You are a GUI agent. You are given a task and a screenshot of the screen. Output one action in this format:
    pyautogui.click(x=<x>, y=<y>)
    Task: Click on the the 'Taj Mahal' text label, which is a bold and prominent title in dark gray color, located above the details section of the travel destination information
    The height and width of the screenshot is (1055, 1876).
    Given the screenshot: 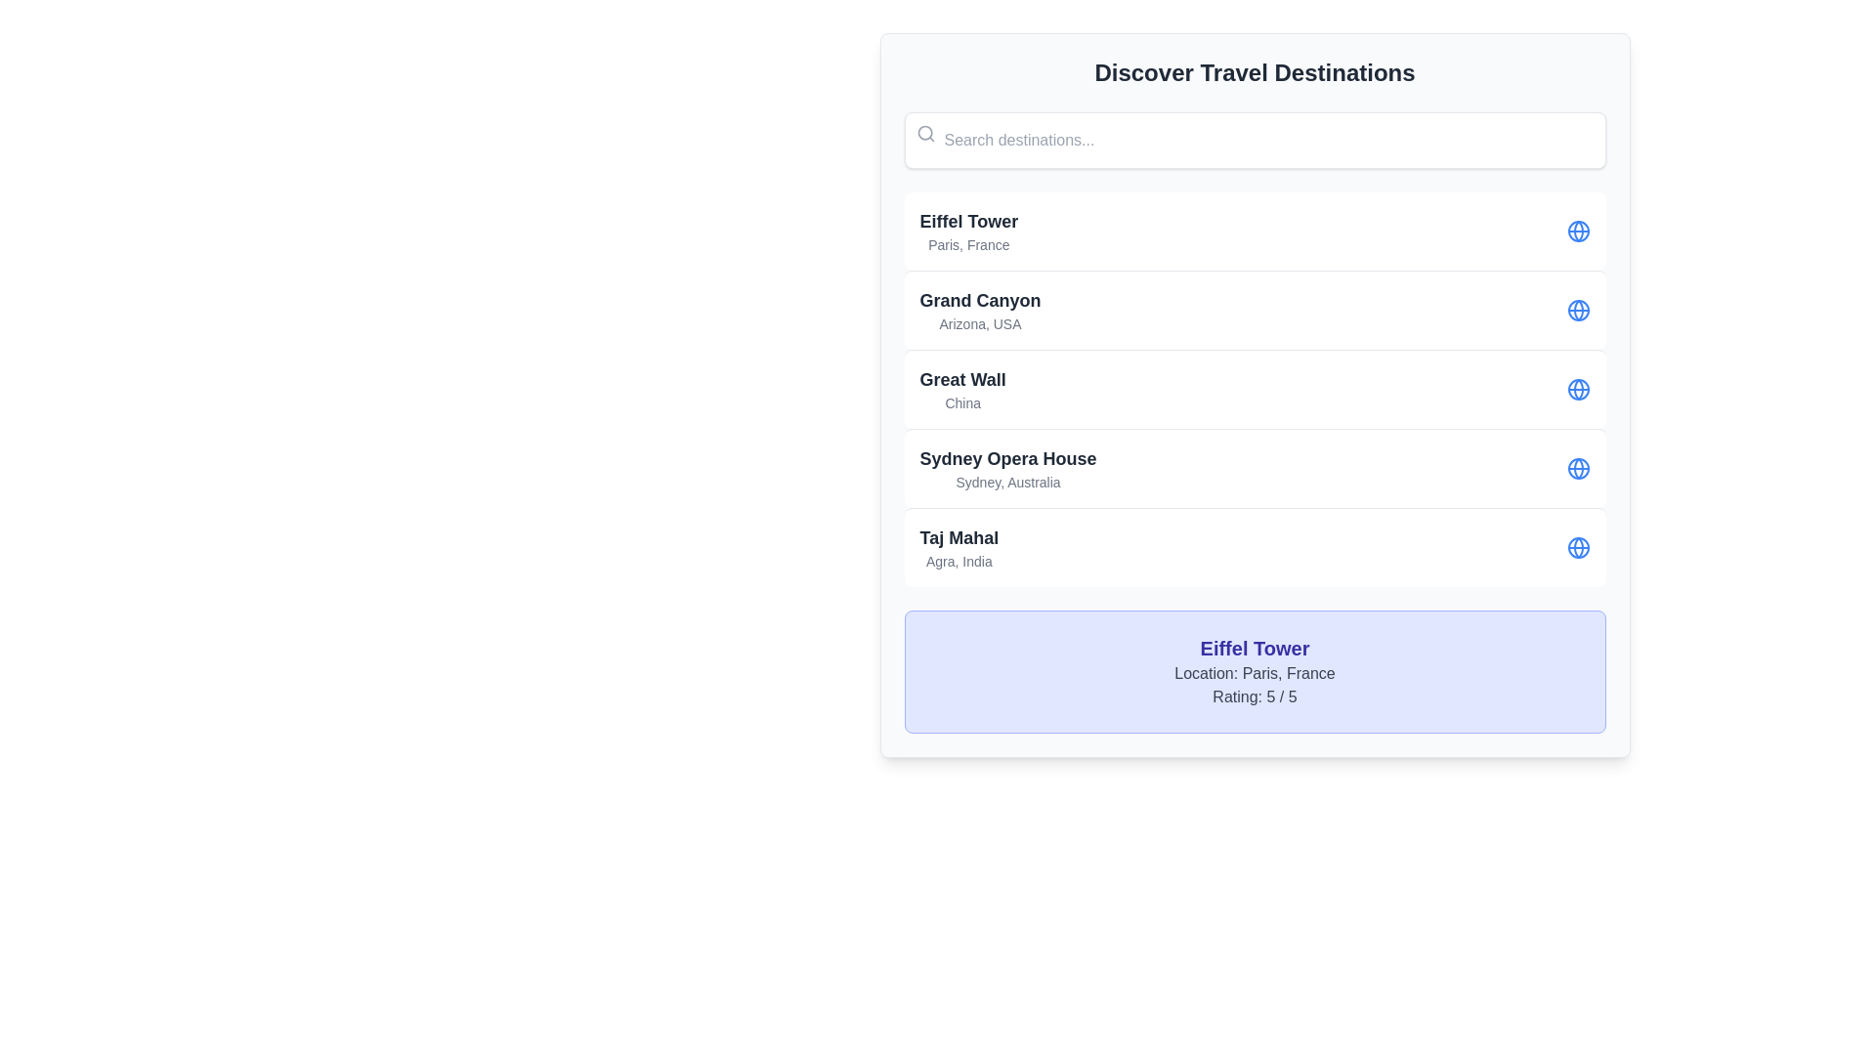 What is the action you would take?
    pyautogui.click(x=959, y=538)
    